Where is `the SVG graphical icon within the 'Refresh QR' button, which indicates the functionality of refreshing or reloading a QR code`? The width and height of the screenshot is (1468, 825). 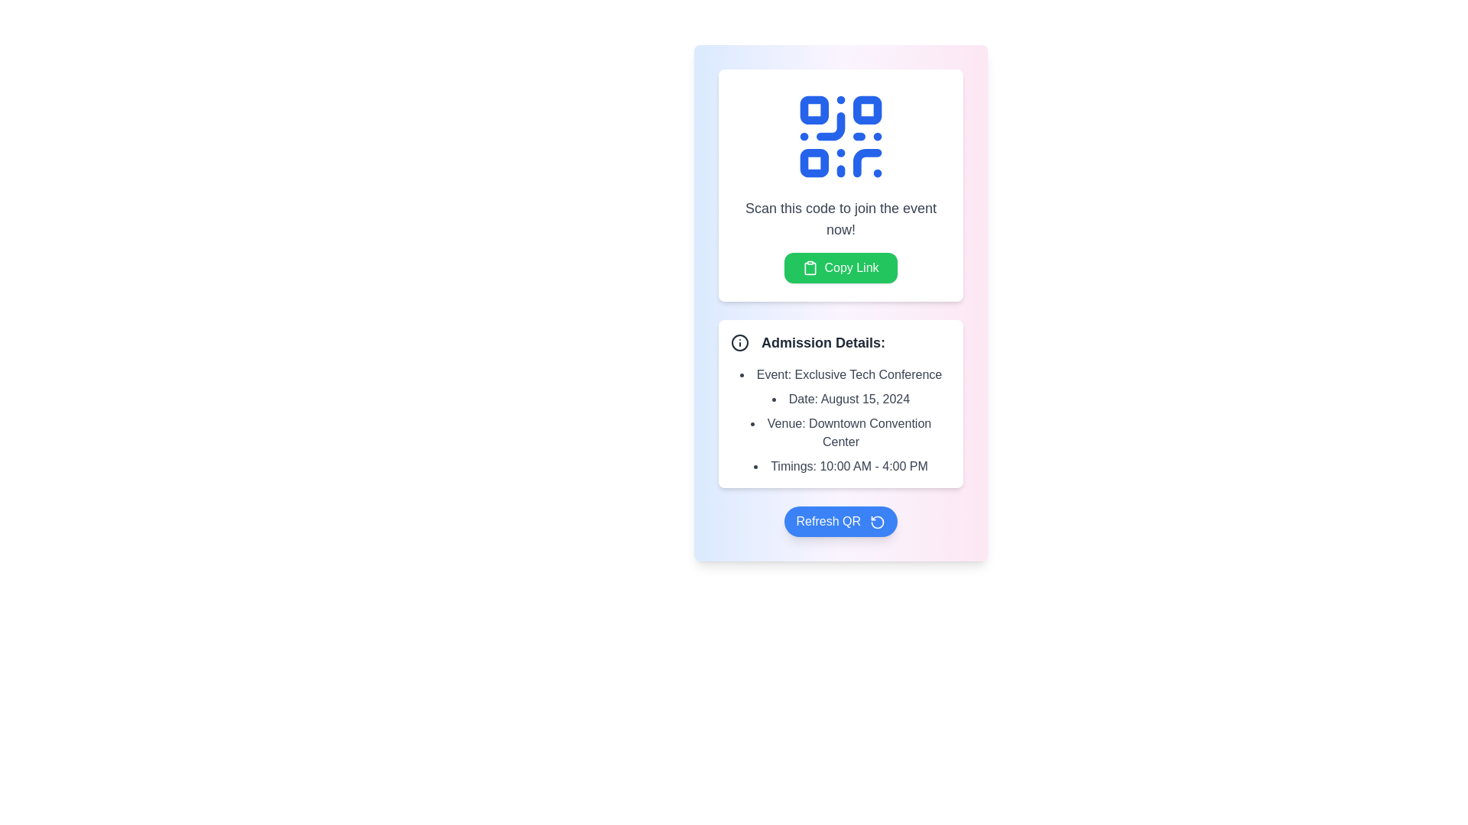
the SVG graphical icon within the 'Refresh QR' button, which indicates the functionality of refreshing or reloading a QR code is located at coordinates (878, 521).